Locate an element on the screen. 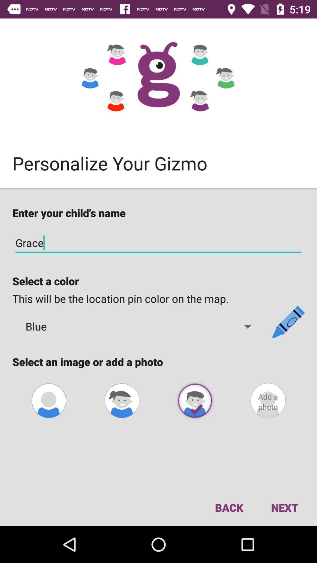 The width and height of the screenshot is (317, 563). drop down option below select a color option is located at coordinates (139, 326).